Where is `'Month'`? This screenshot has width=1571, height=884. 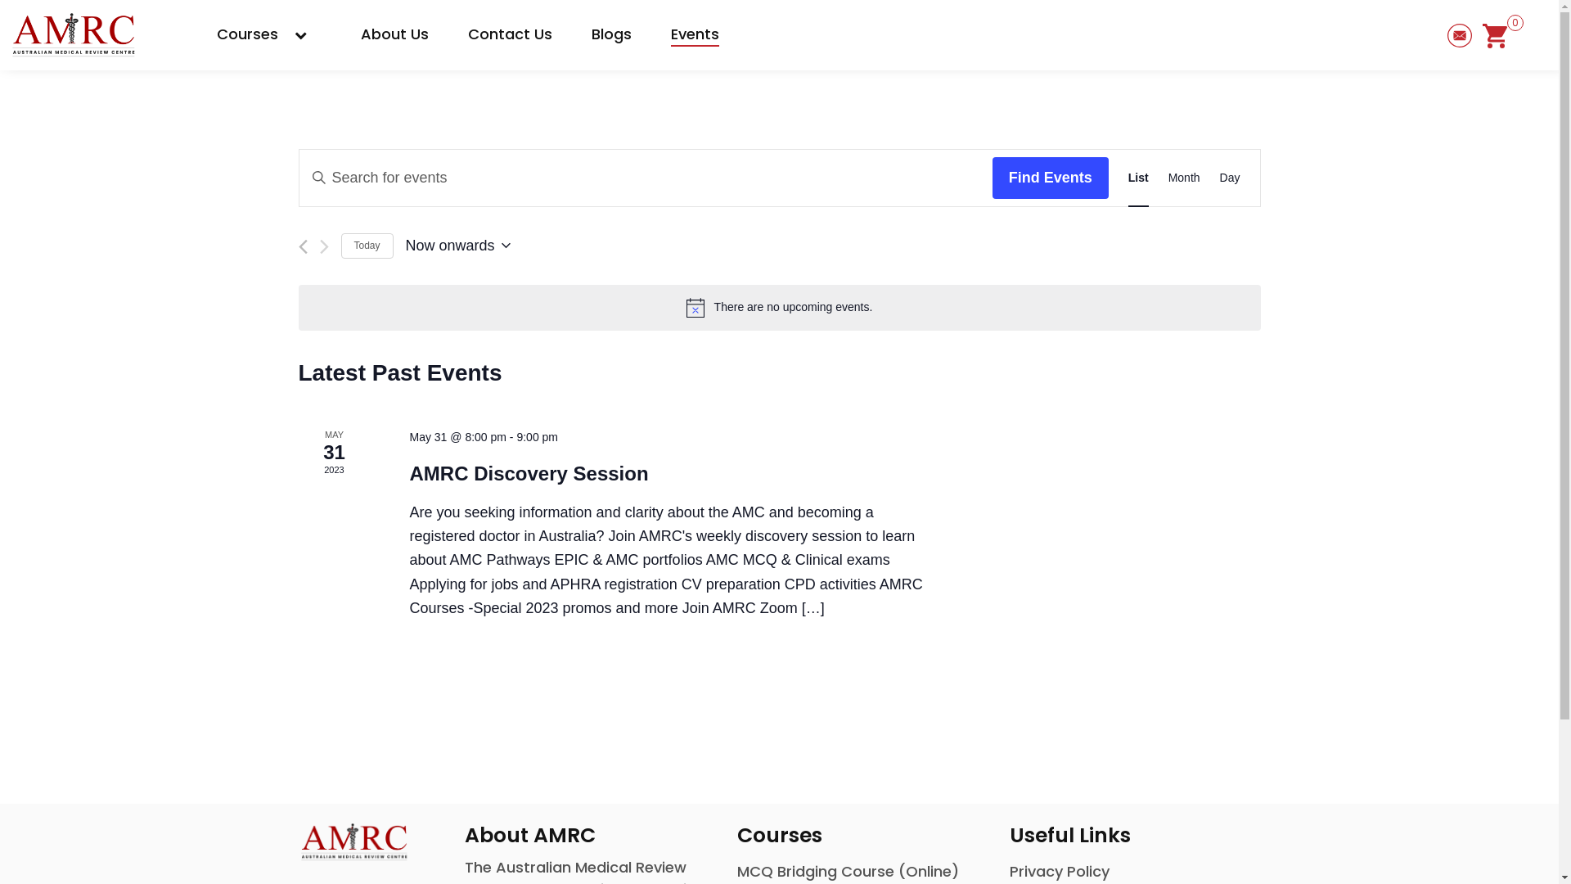 'Month' is located at coordinates (1184, 178).